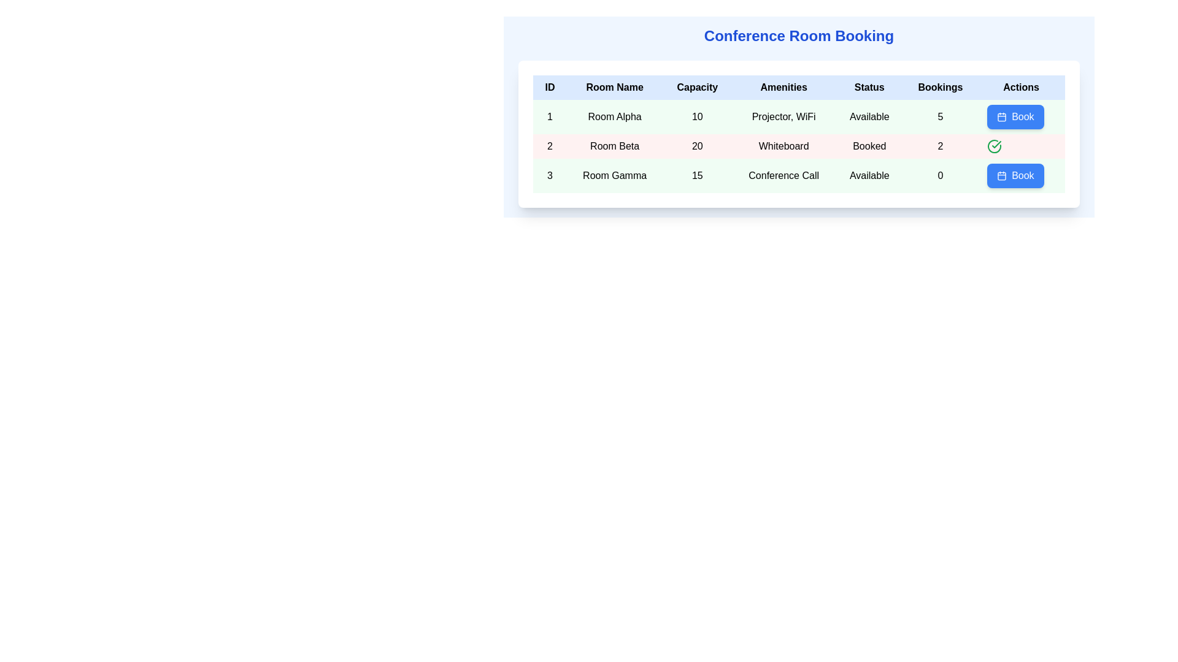  I want to click on text content of the first row in the 'Conference Room Booking' table, which provides information about 'Room Alpha', so click(799, 117).